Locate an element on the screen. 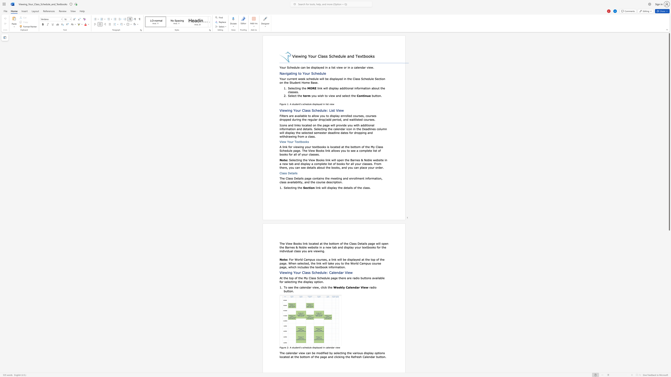  the right-hand scrollbar to descend the page is located at coordinates (669, 316).